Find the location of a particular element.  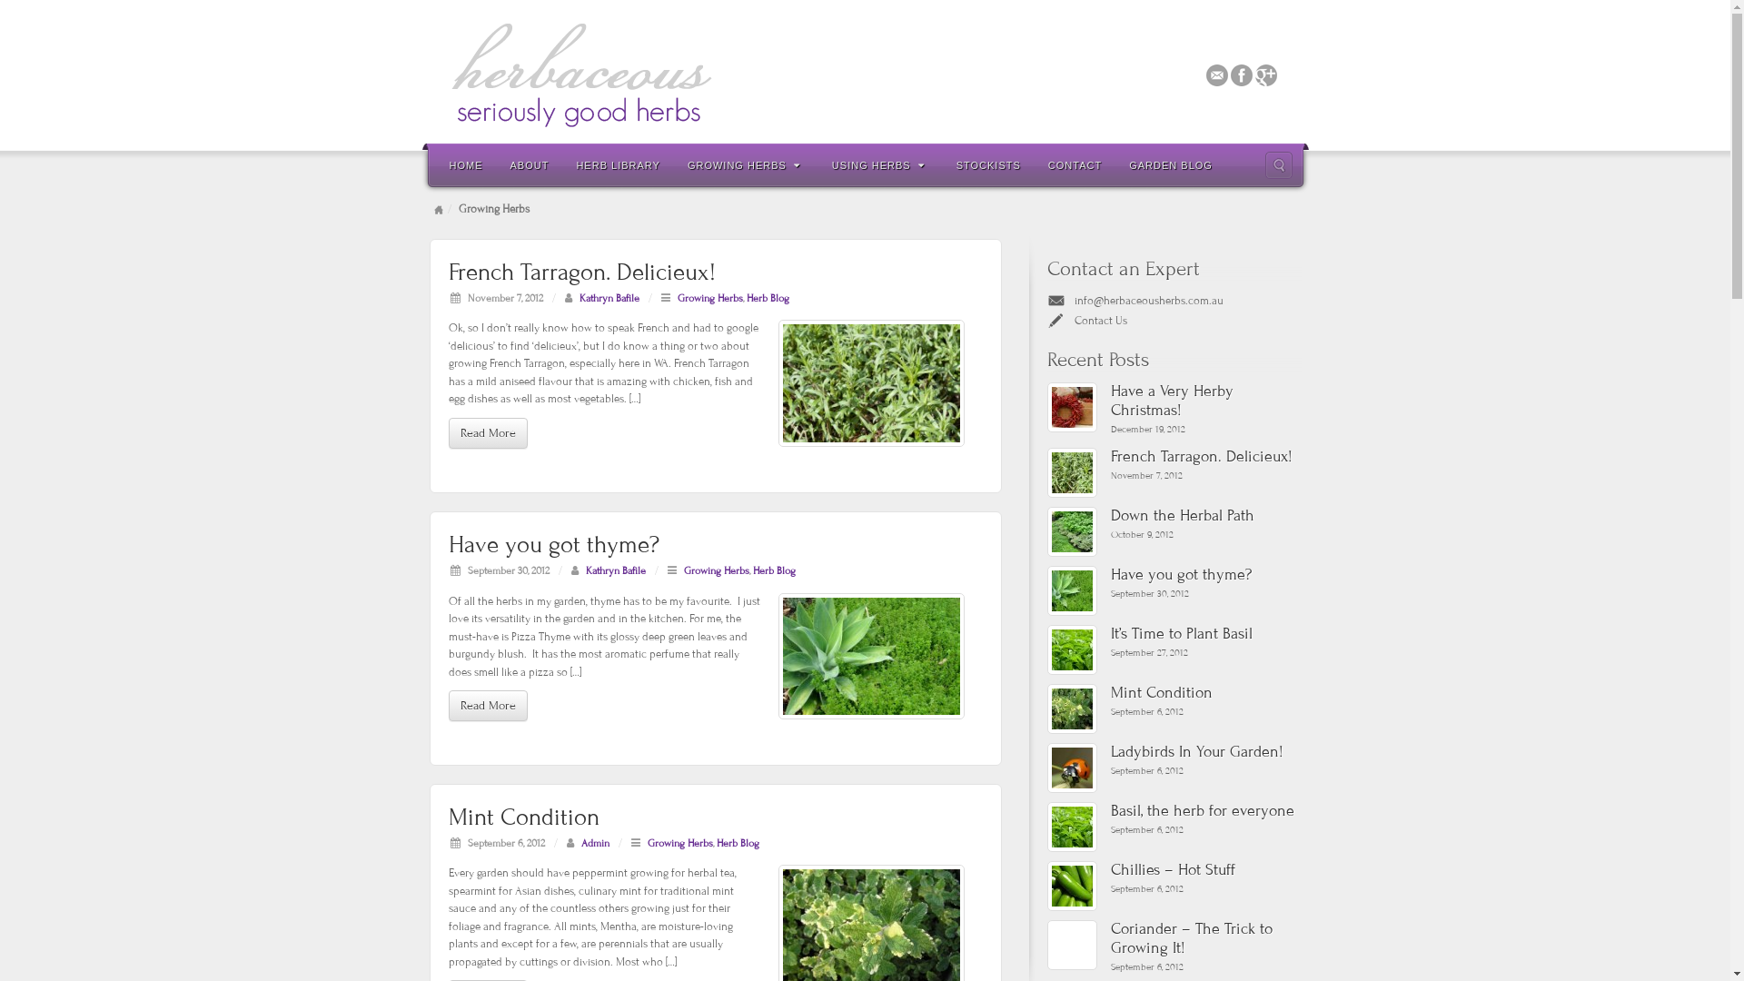

'CONTACT' is located at coordinates (1034, 164).